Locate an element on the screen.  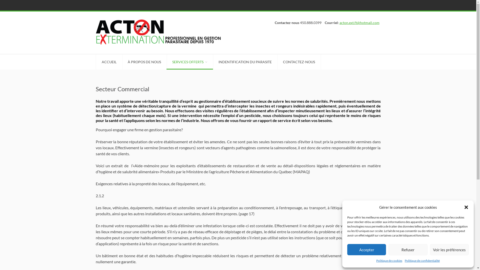
'CONTACTEZ-NOUS' is located at coordinates (299, 61).